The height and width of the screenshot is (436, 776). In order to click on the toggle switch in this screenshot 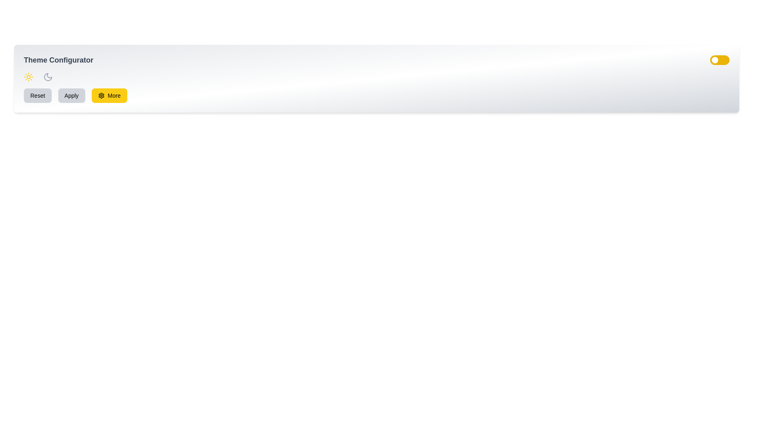, I will do `click(713, 60)`.